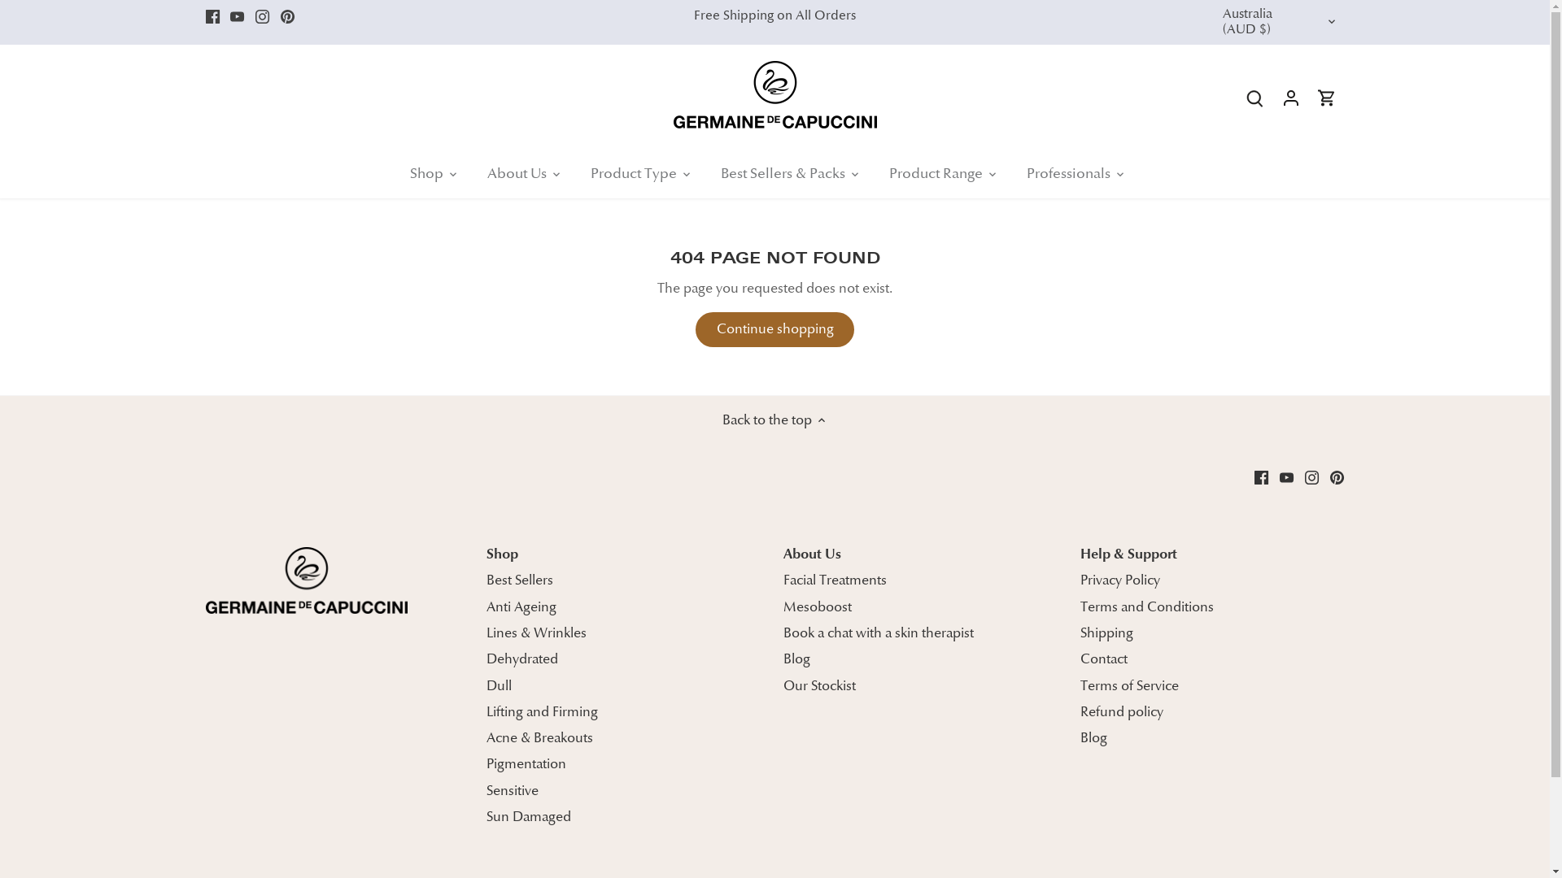 This screenshot has width=1562, height=878. I want to click on 'Go to cart', so click(1327, 97).